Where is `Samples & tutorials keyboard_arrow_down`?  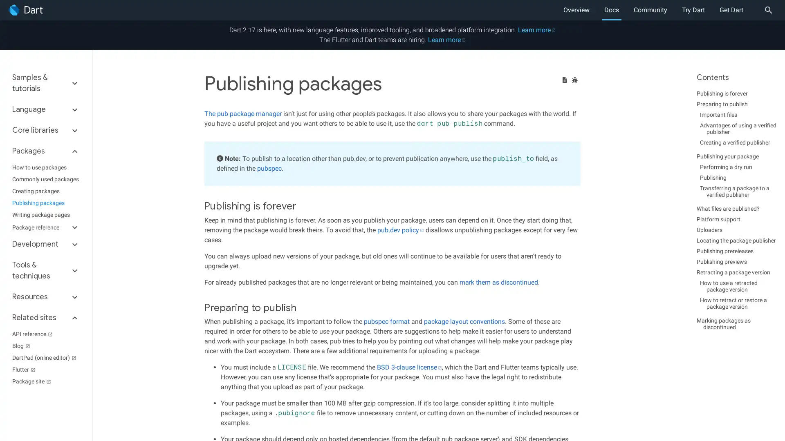 Samples & tutorials keyboard_arrow_down is located at coordinates (45, 85).